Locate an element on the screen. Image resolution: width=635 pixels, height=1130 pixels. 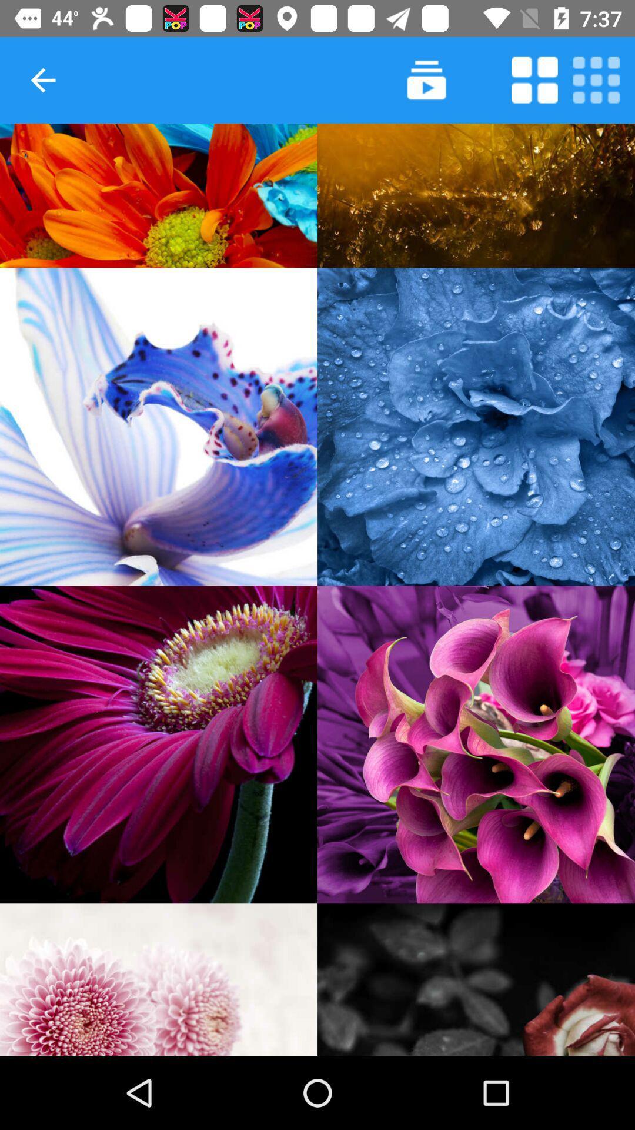
photo is located at coordinates (159, 744).